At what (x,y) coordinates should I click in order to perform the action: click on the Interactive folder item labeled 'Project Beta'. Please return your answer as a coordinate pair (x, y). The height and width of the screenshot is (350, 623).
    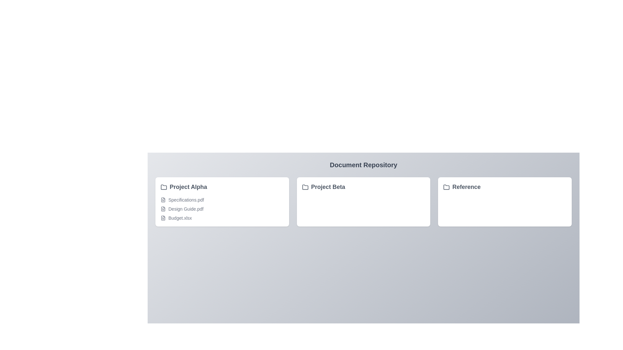
    Looking at the image, I should click on (363, 187).